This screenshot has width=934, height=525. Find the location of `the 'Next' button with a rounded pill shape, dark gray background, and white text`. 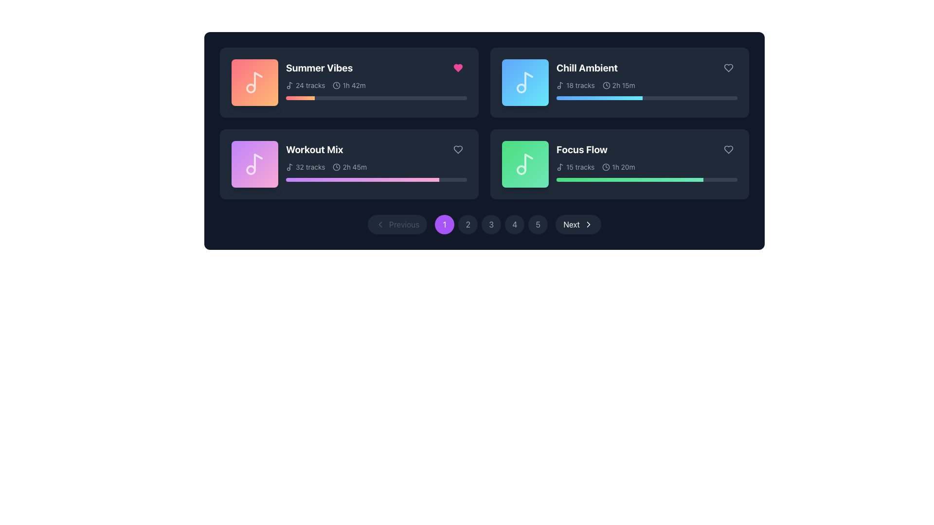

the 'Next' button with a rounded pill shape, dark gray background, and white text is located at coordinates (578, 225).